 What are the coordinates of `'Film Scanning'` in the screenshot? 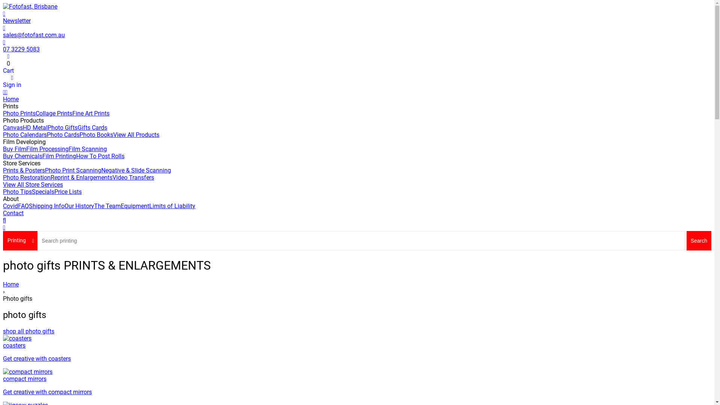 It's located at (88, 149).